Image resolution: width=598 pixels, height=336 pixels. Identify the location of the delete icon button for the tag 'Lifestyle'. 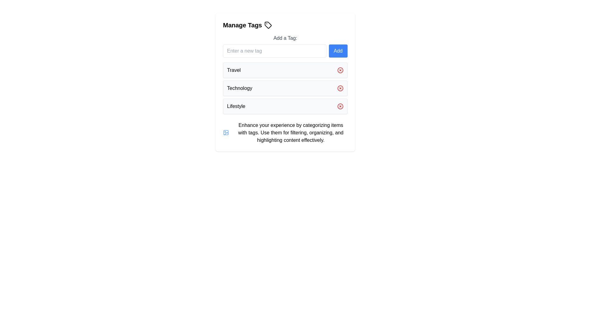
(340, 106).